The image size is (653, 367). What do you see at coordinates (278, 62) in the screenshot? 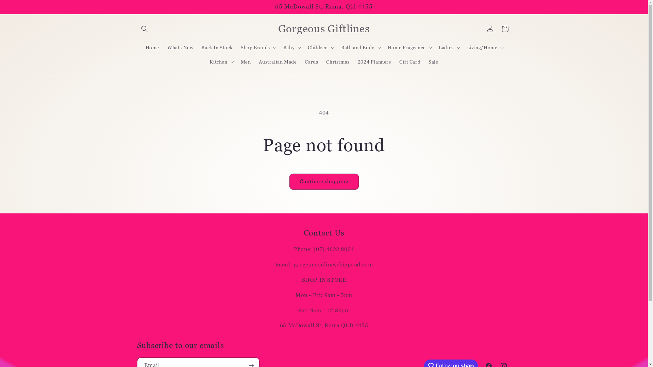
I see `'Australian Made'` at bounding box center [278, 62].